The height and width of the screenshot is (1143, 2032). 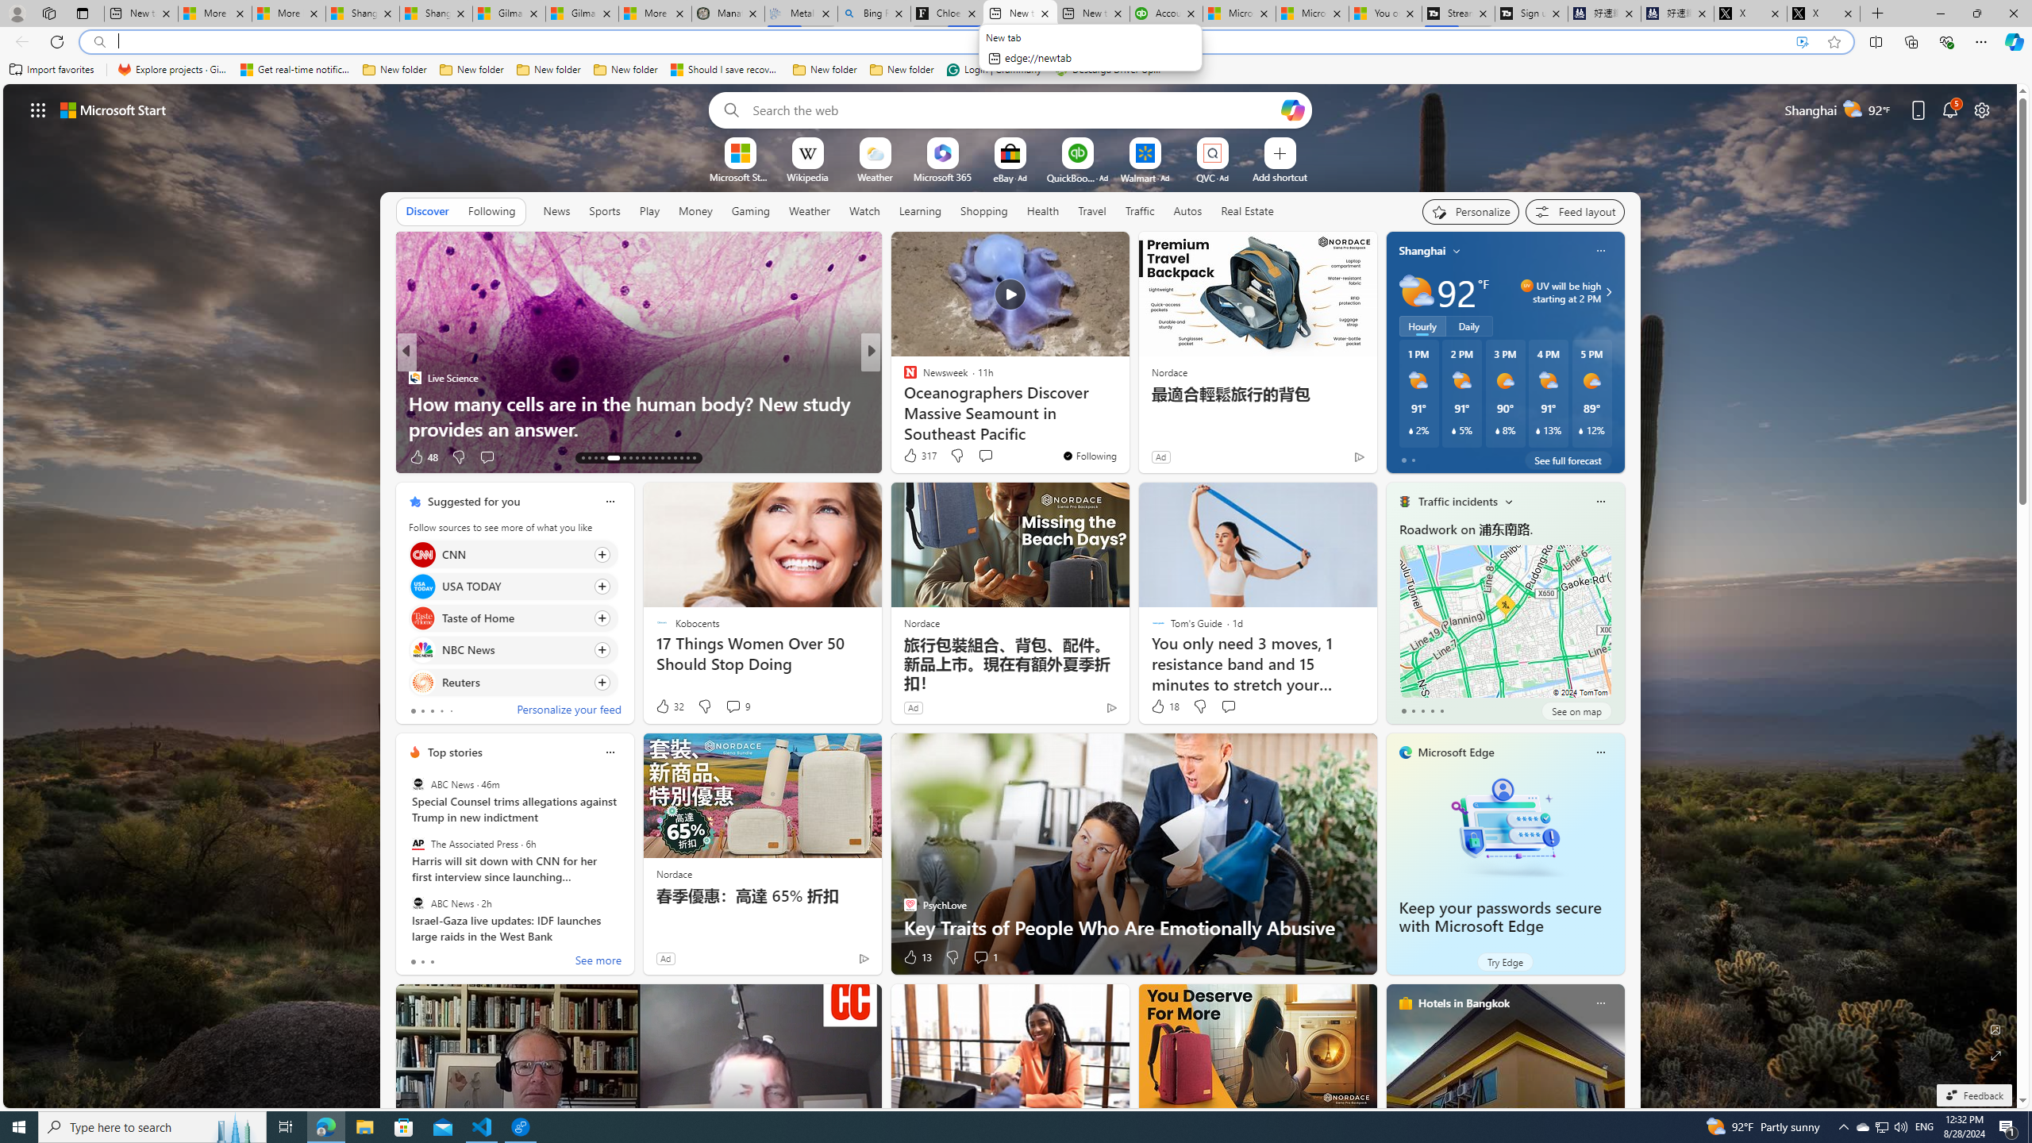 I want to click on 'Manatee Mortality Statistics | FWC', so click(x=728, y=13).